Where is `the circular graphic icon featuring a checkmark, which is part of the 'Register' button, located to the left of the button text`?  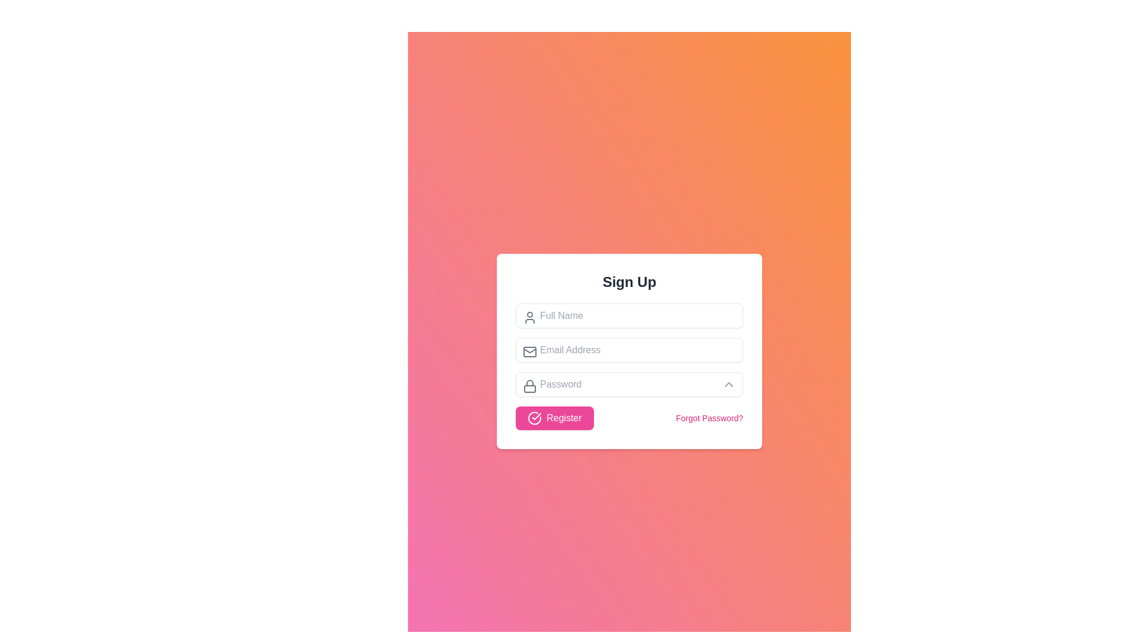 the circular graphic icon featuring a checkmark, which is part of the 'Register' button, located to the left of the button text is located at coordinates (534, 417).